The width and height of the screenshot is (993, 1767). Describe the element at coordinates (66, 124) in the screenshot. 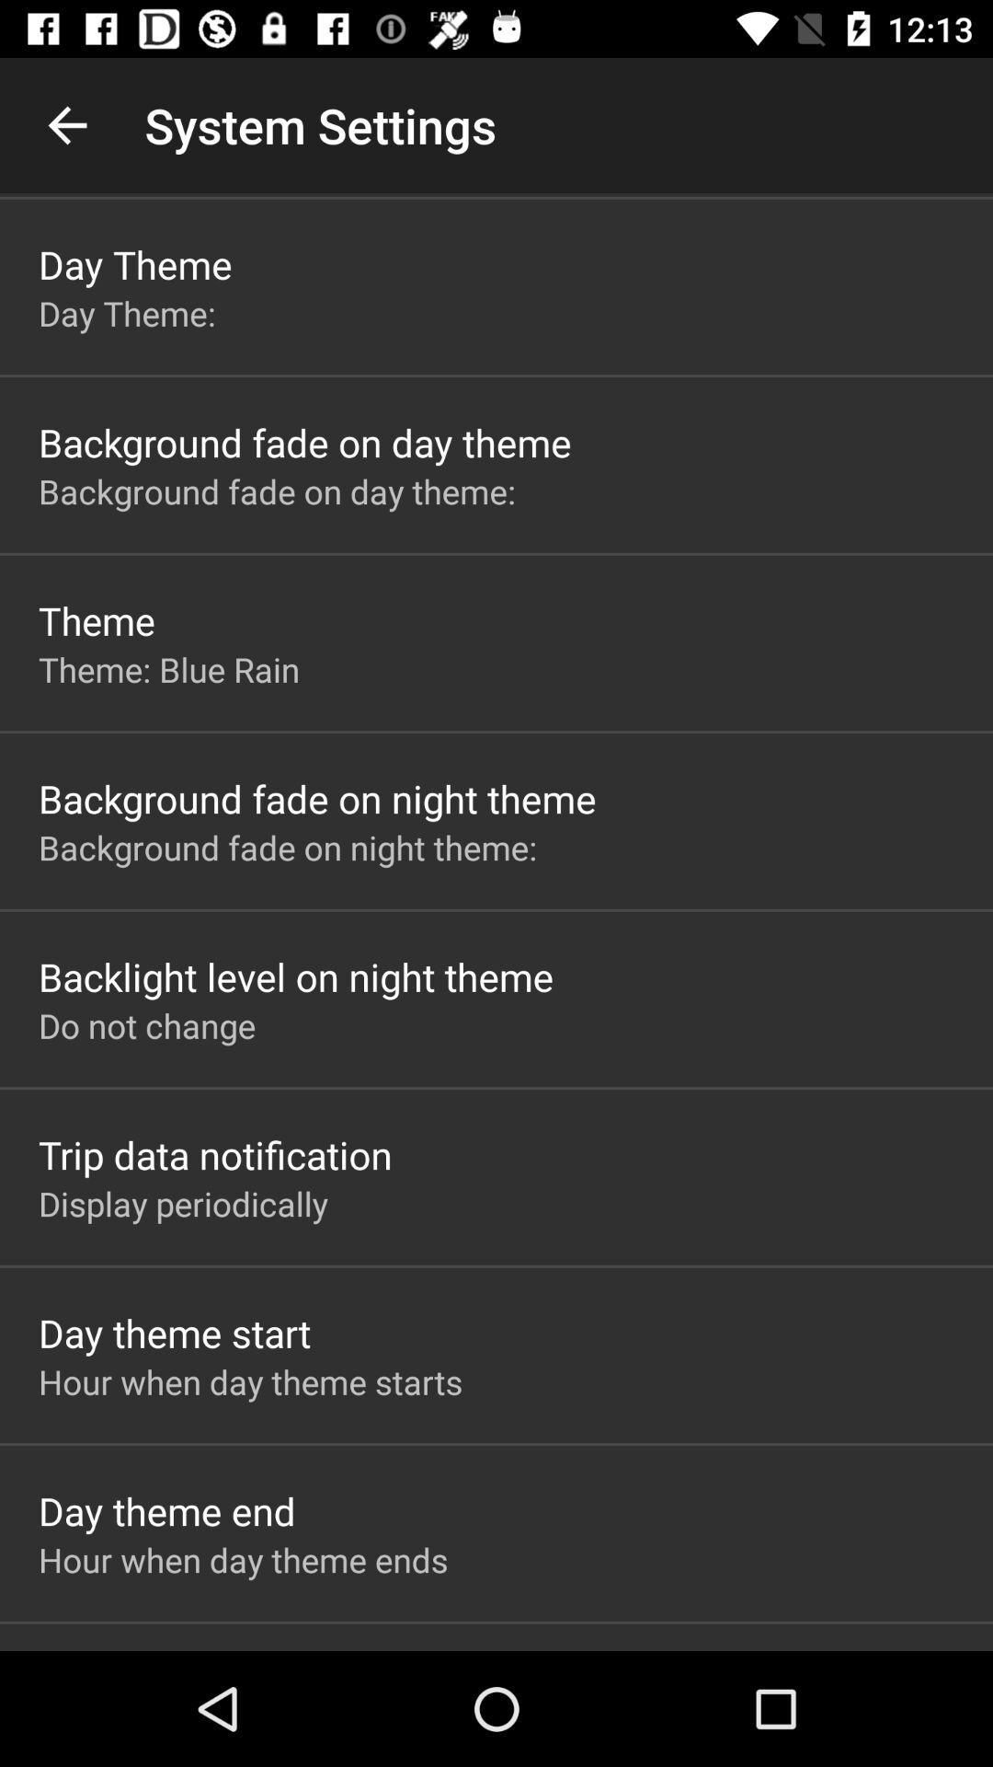

I see `icon above the day theme item` at that location.